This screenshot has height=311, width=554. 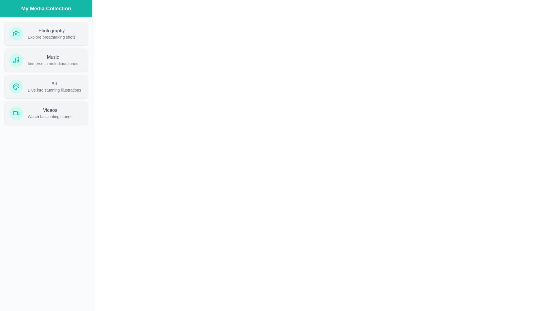 I want to click on the media card representing Photography, so click(x=46, y=33).